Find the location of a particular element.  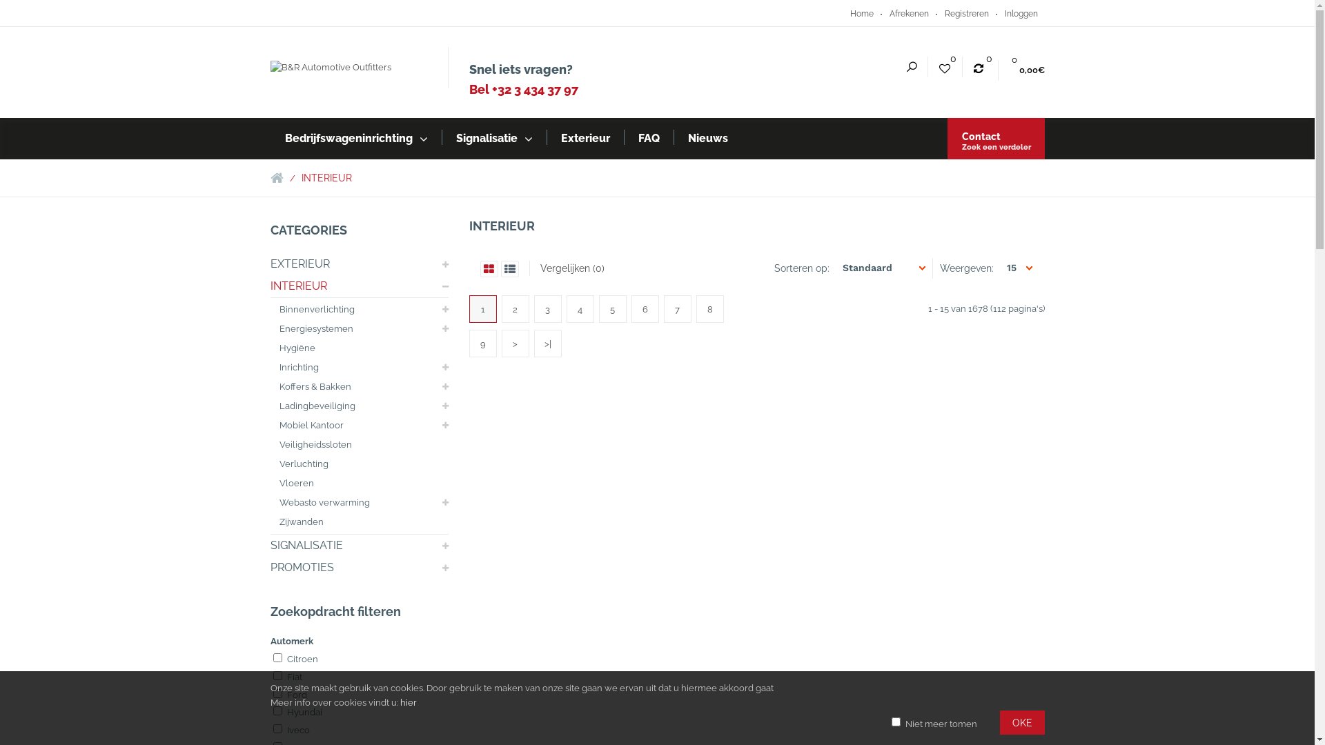

'Ladingbeveiliging' is located at coordinates (316, 406).